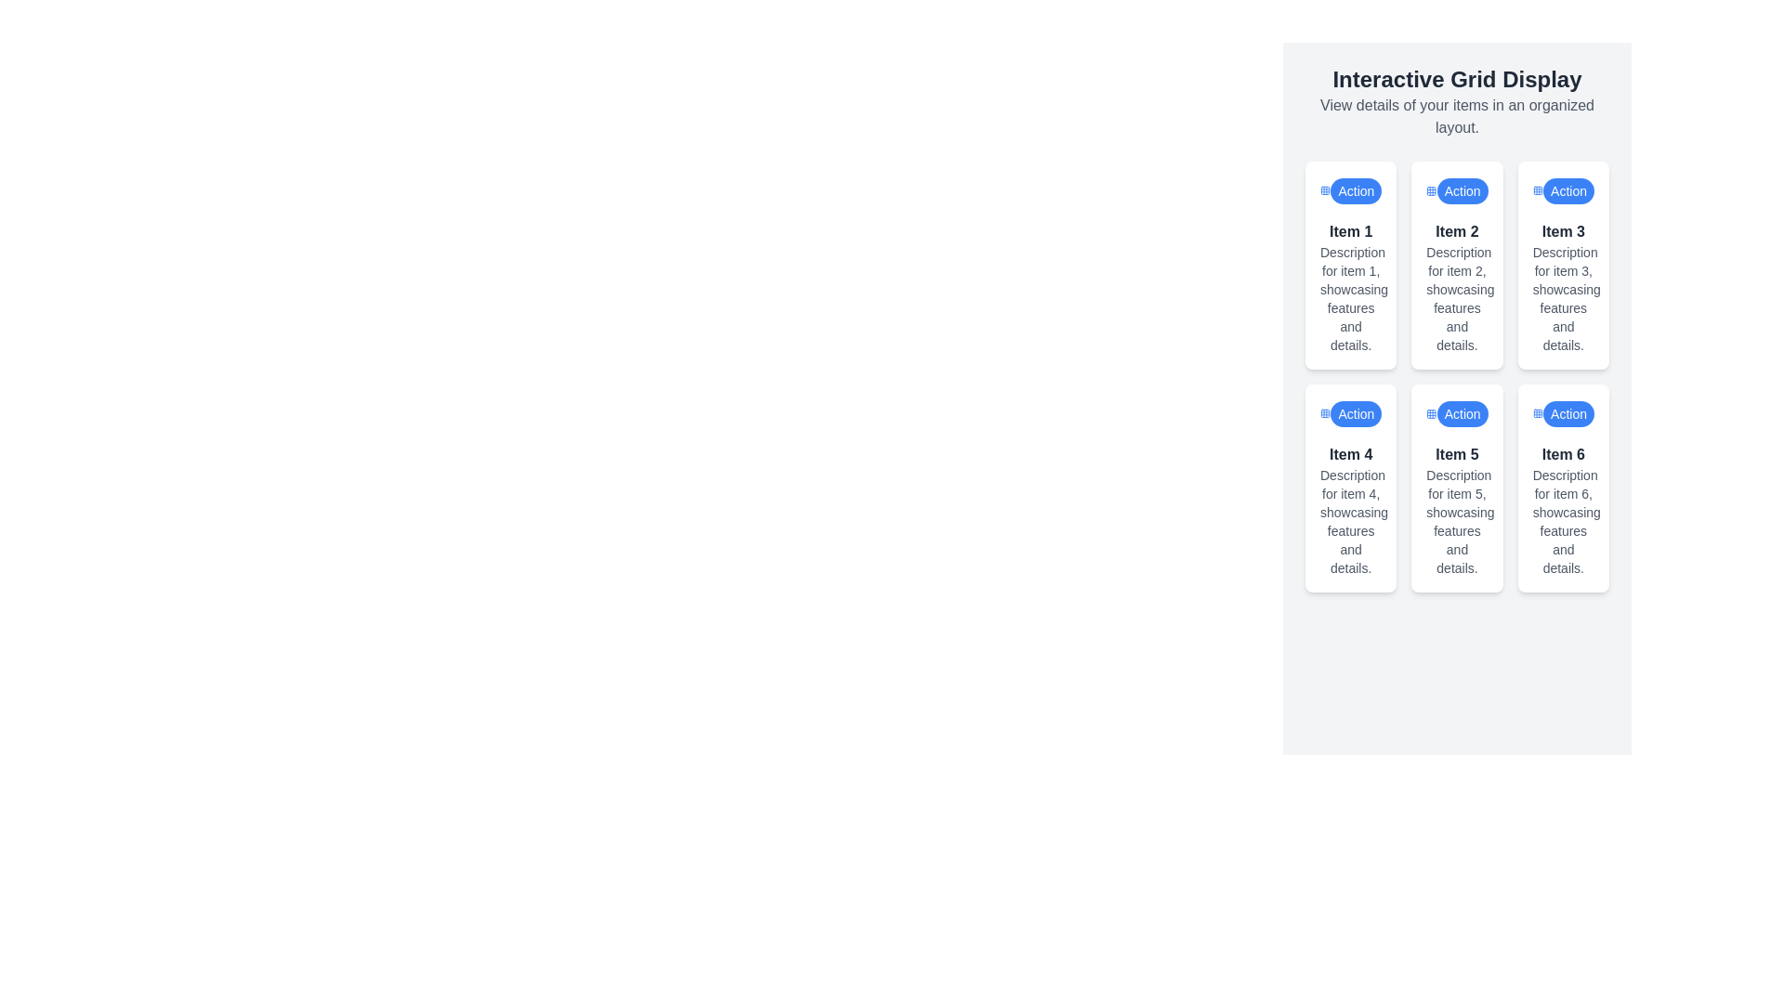 The height and width of the screenshot is (1003, 1784). I want to click on the small gray text block stating 'Description for item 3, showcasing features and details.' located below the bold header 'Item 3' in the third column of the interface, so click(1562, 297).